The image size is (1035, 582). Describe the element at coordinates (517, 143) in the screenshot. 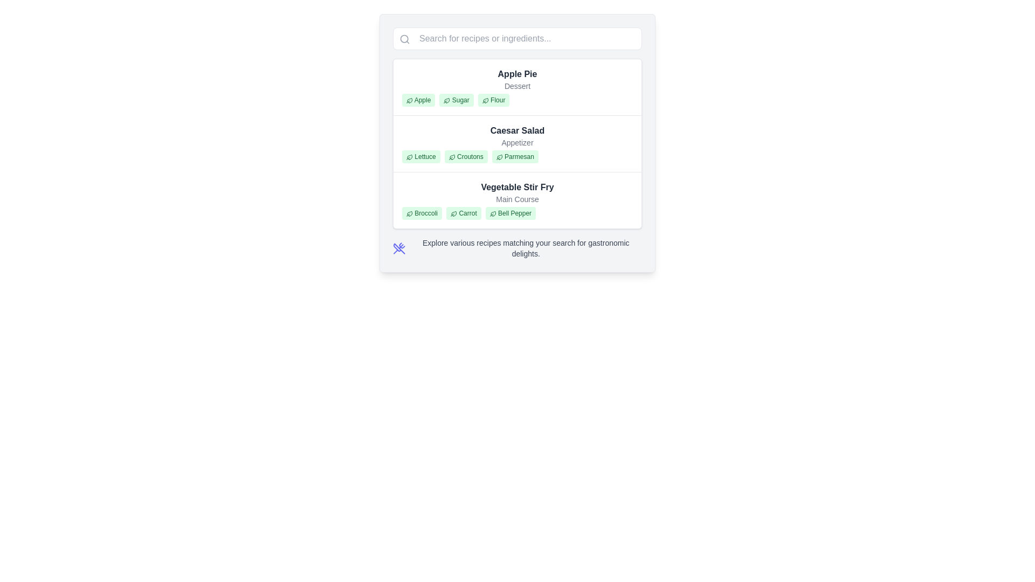

I see `the informational card describing the menu item that showcases its name, category, and primary ingredients, which is the second item in a vertical list between 'Apple Pie' and 'Vegetable Stir Fry'` at that location.